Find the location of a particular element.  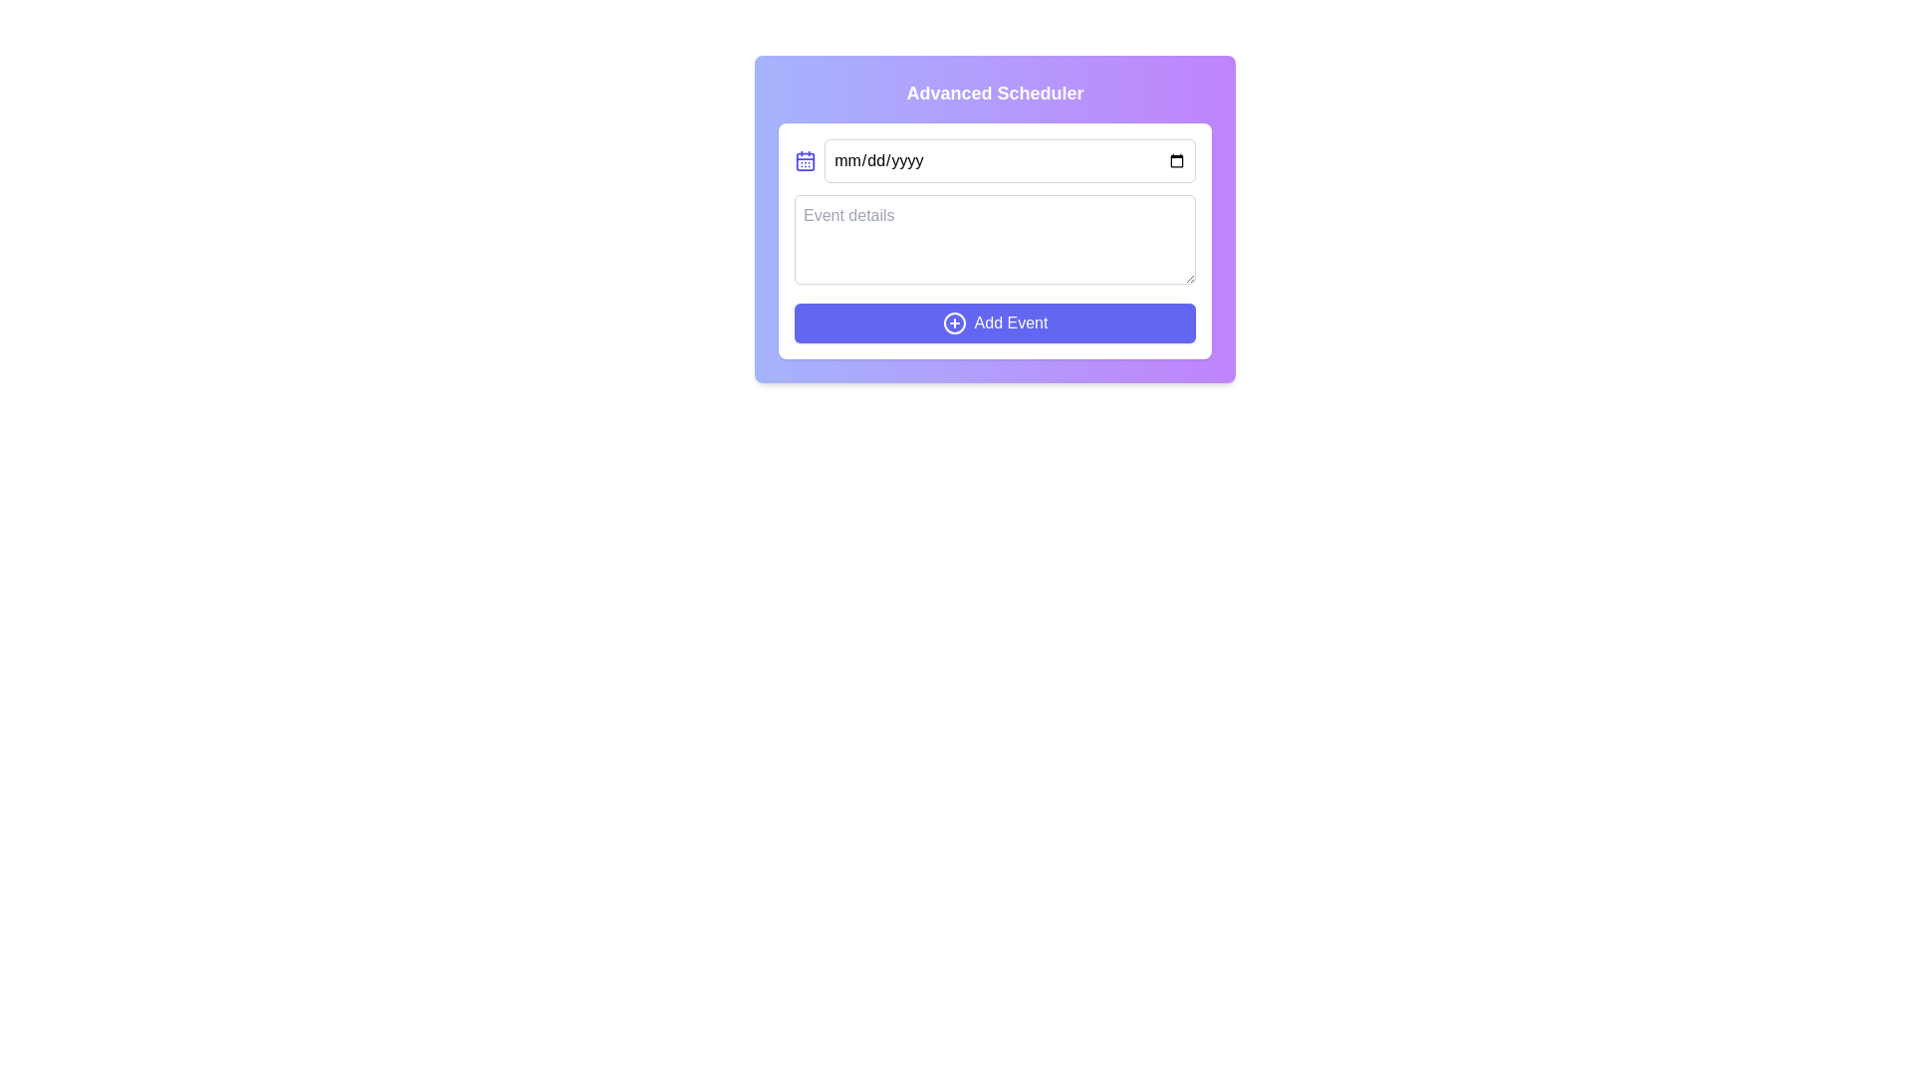

the SVG Icon that represents the 'Add Event' functionality, which is located to the left of the 'Add Event' button text is located at coordinates (953, 322).